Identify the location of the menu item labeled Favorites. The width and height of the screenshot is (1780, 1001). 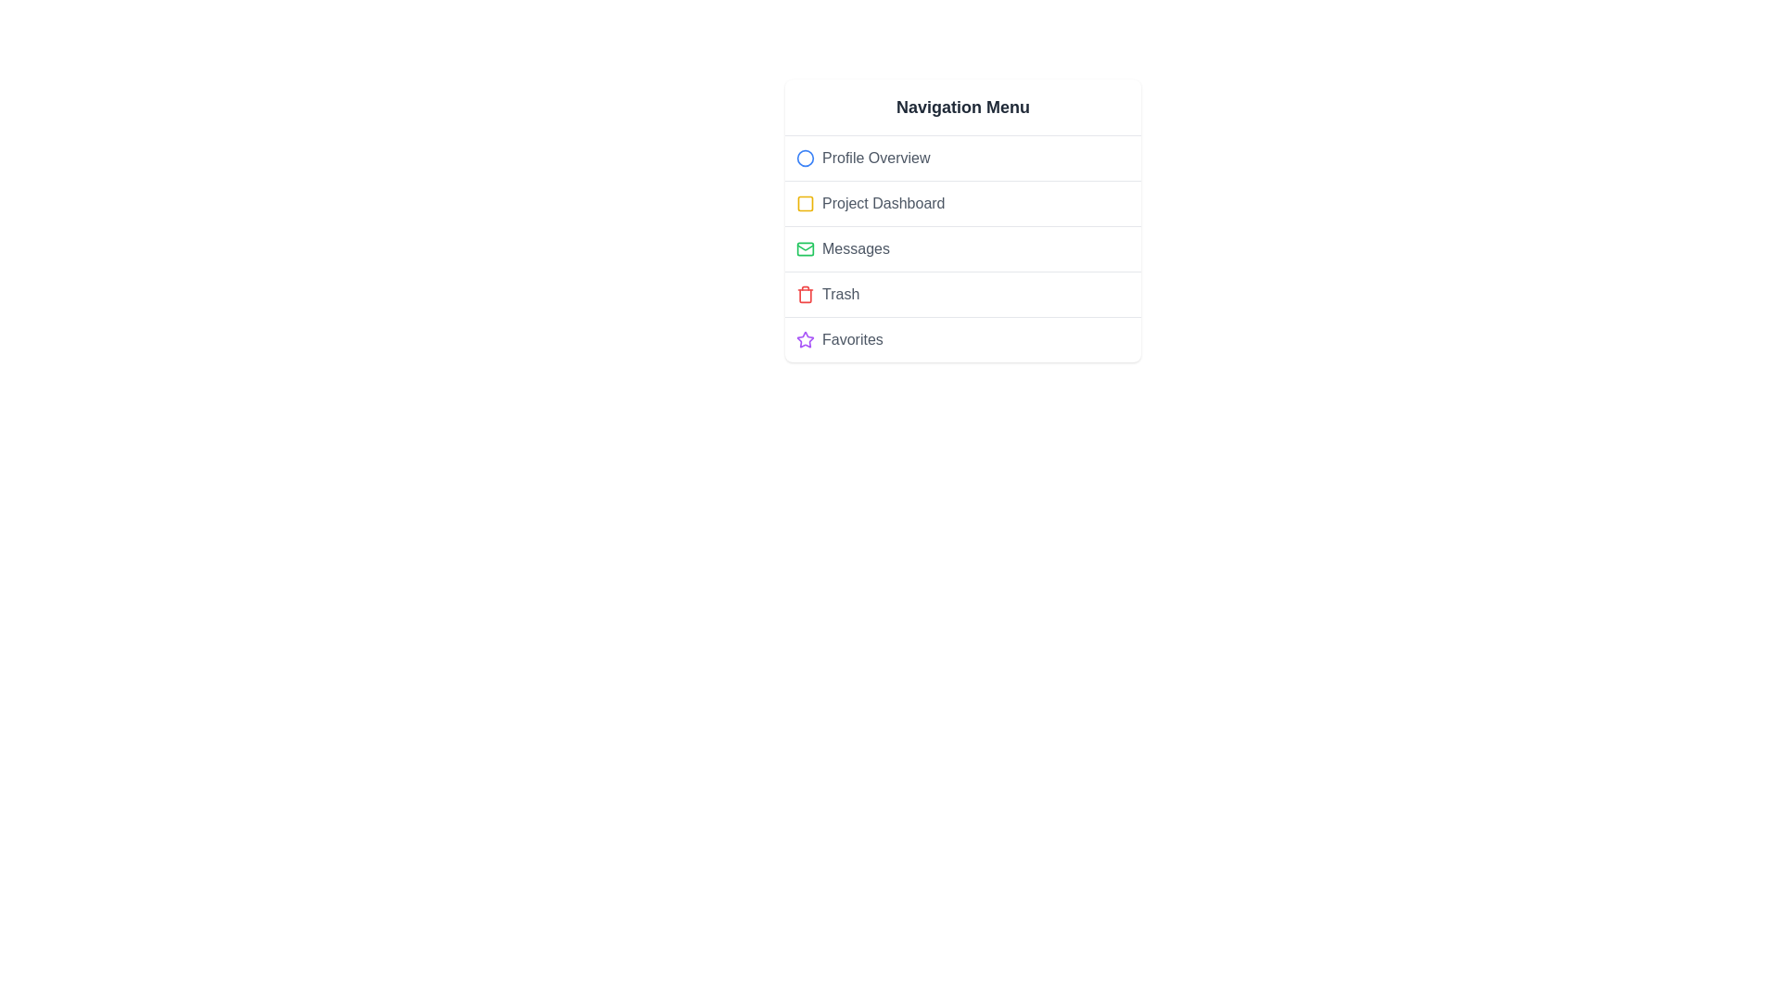
(962, 339).